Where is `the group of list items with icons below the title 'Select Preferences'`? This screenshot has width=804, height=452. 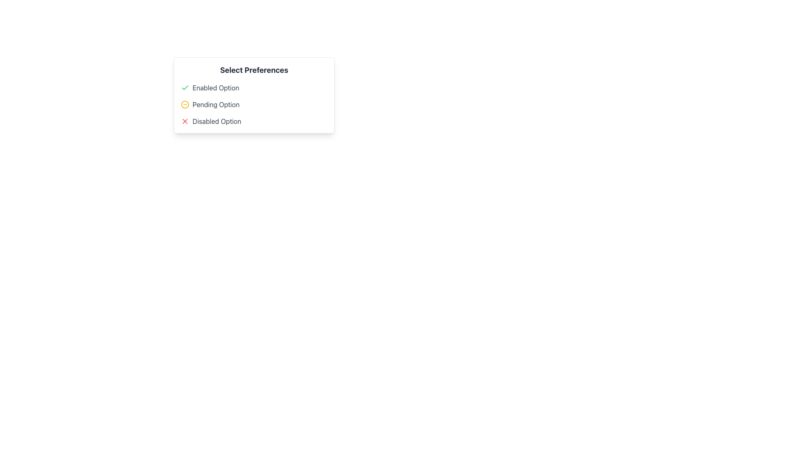 the group of list items with icons below the title 'Select Preferences' is located at coordinates (253, 104).